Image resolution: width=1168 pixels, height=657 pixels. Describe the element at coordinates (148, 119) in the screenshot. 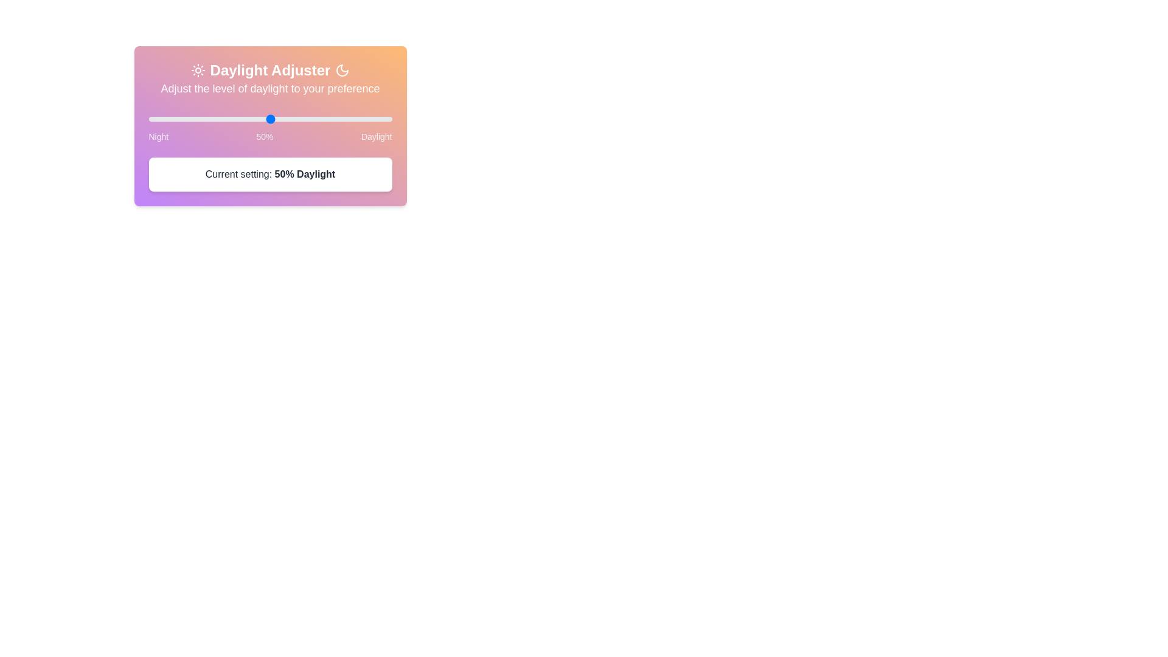

I see `the slider to set the daylight level to 59%` at that location.